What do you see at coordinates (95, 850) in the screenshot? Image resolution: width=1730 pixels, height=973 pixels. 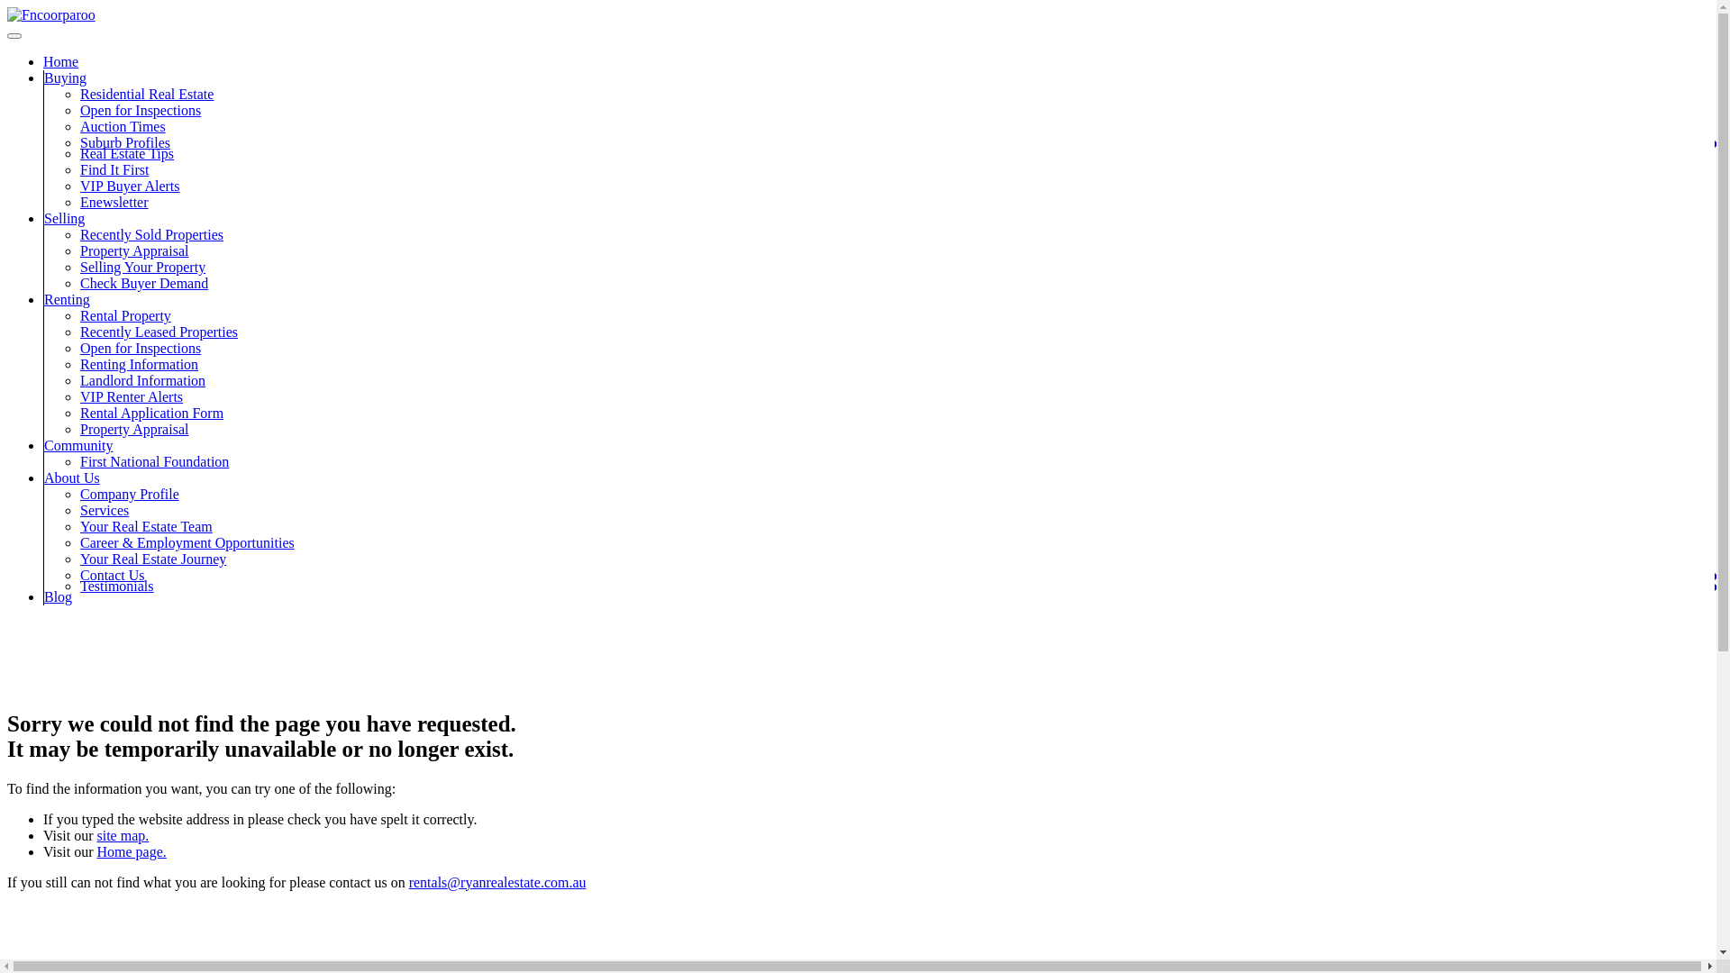 I see `'Home page.'` at bounding box center [95, 850].